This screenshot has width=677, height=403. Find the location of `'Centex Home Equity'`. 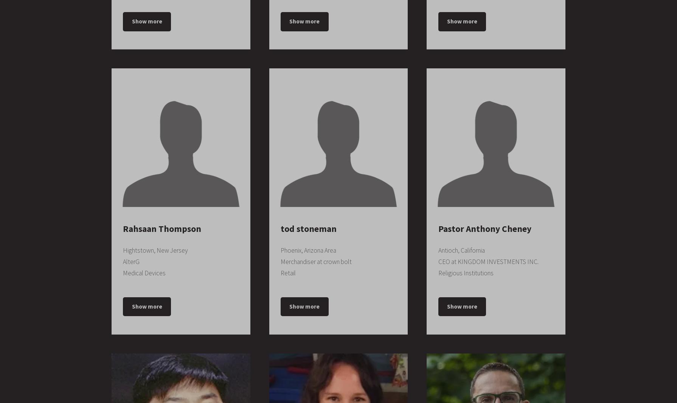

'Centex Home Equity' is located at coordinates (308, 273).